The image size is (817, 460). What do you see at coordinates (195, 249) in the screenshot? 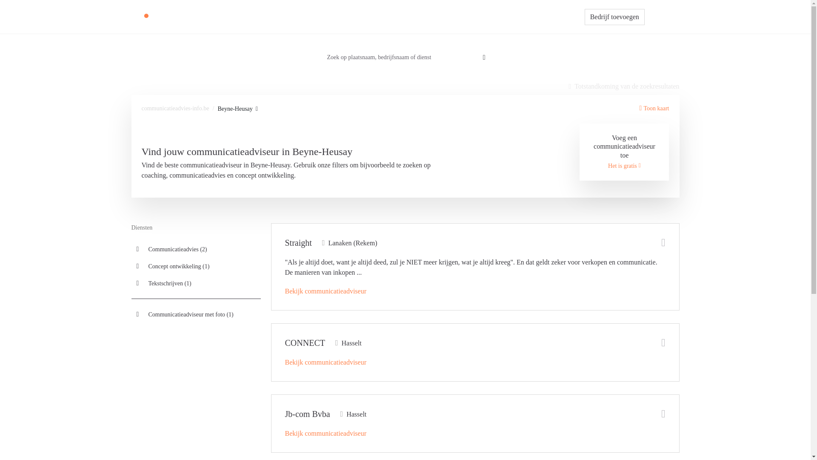
I see `'Communicatieadvies (2)'` at bounding box center [195, 249].